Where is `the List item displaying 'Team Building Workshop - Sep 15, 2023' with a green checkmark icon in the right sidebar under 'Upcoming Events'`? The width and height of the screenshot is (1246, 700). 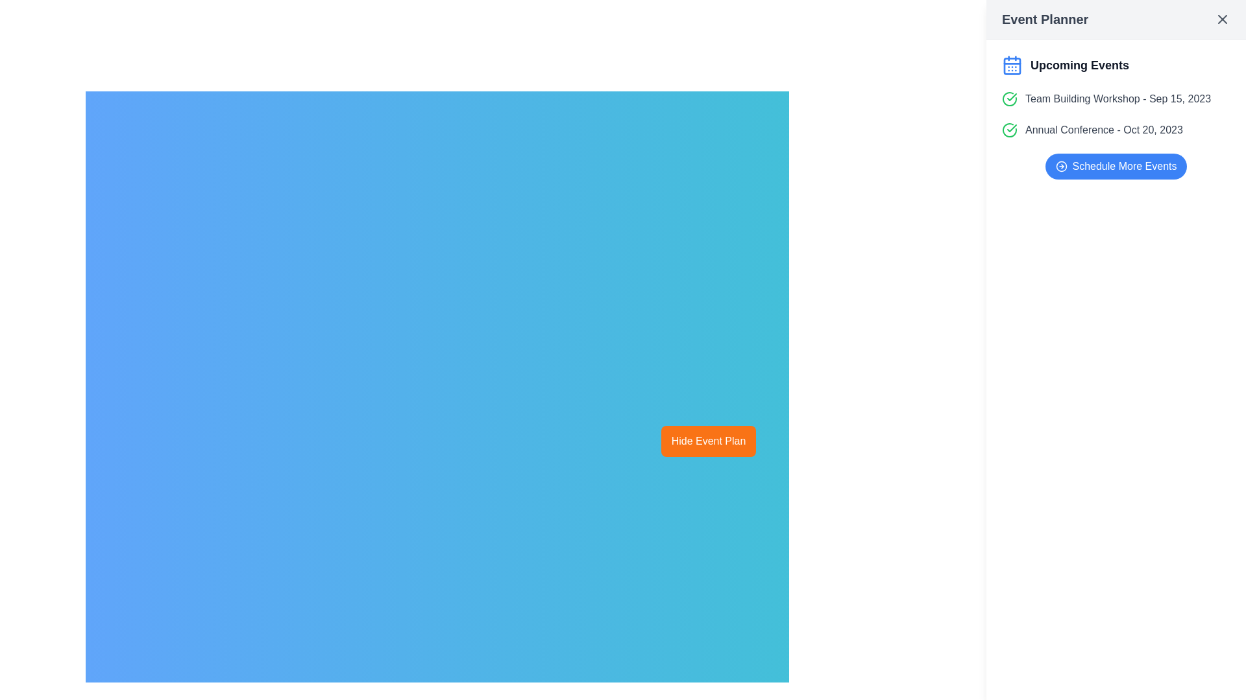
the List item displaying 'Team Building Workshop - Sep 15, 2023' with a green checkmark icon in the right sidebar under 'Upcoming Events' is located at coordinates (1115, 99).